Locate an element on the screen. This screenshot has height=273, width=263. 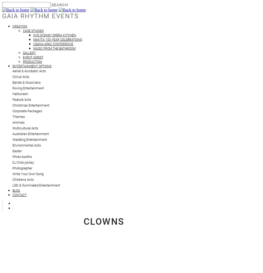
'Gallery' is located at coordinates (23, 52).